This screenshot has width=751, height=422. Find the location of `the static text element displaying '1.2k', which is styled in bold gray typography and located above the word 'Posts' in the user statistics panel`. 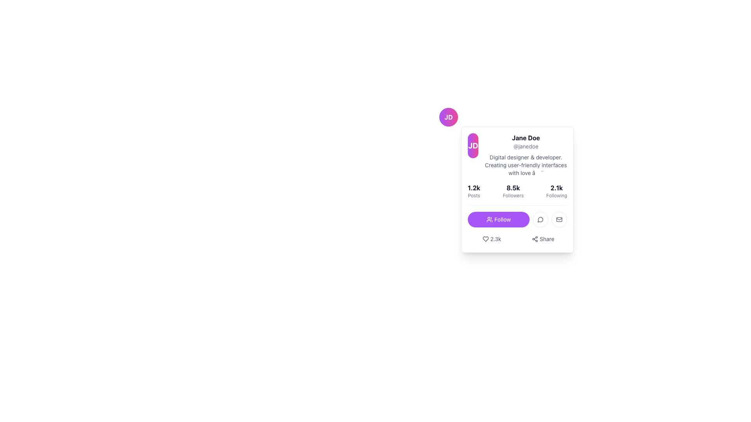

the static text element displaying '1.2k', which is styled in bold gray typography and located above the word 'Posts' in the user statistics panel is located at coordinates (473, 188).